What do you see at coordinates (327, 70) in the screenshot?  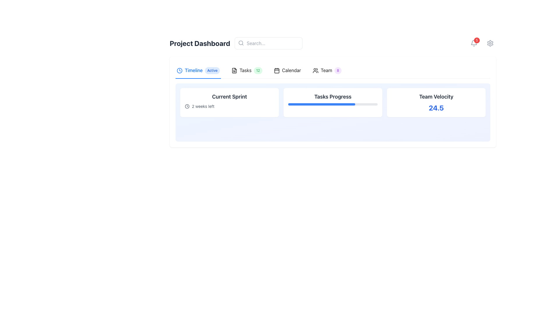 I see `the 'Team' tab with a numeric badge displaying '8'` at bounding box center [327, 70].